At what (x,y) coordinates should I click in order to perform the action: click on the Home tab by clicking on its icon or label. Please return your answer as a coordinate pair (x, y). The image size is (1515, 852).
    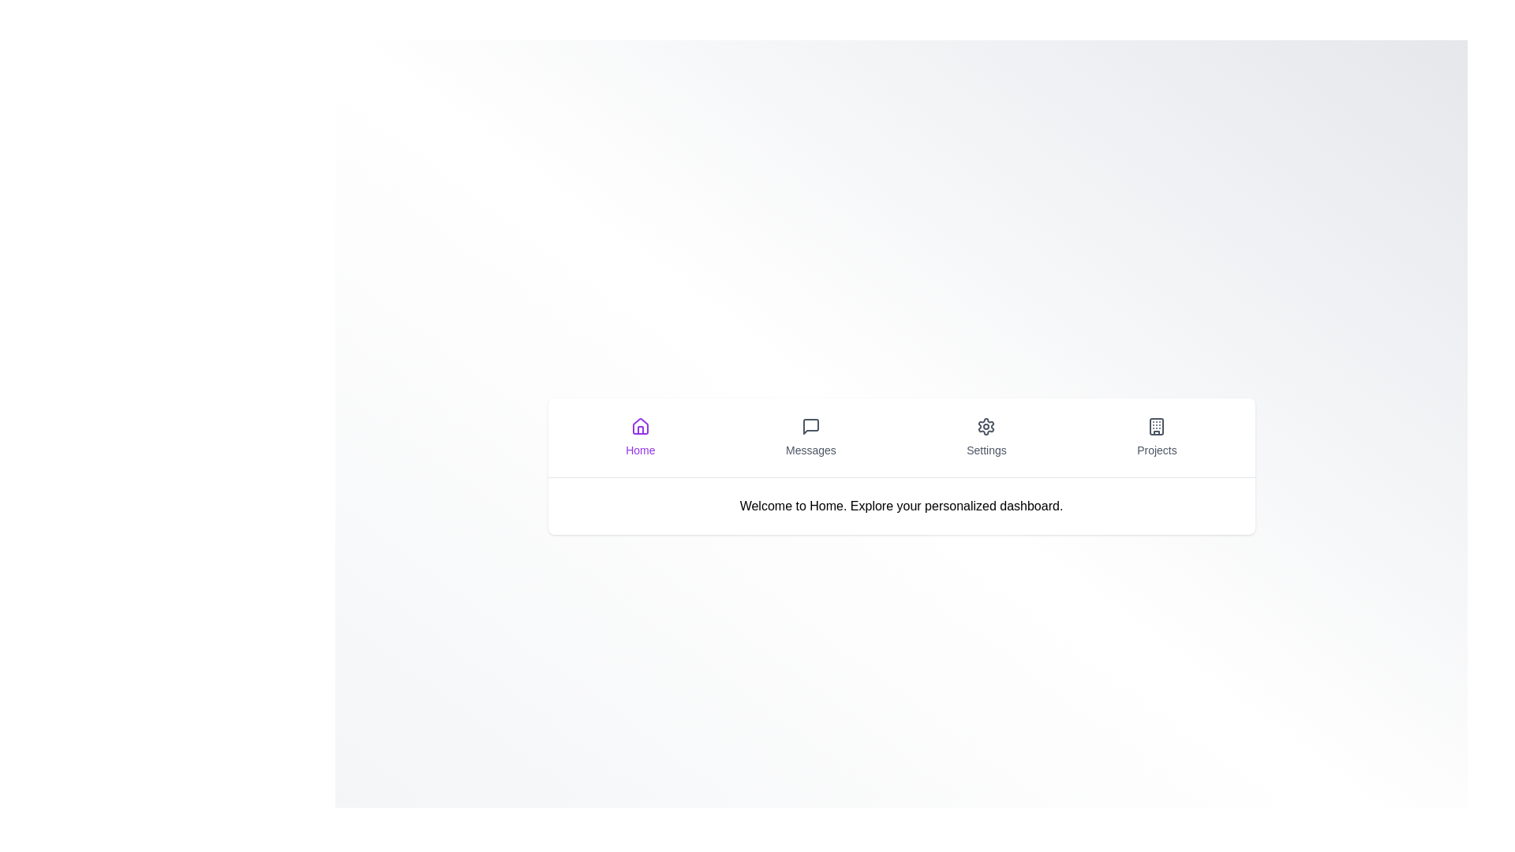
    Looking at the image, I should click on (640, 437).